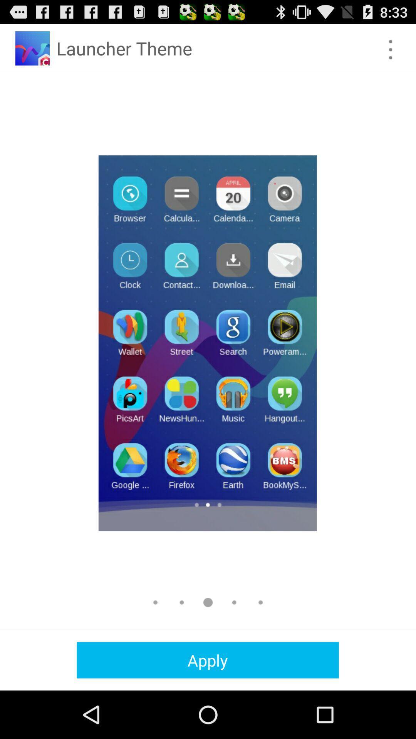 This screenshot has height=739, width=416. I want to click on the item next to launcher theme icon, so click(391, 49).